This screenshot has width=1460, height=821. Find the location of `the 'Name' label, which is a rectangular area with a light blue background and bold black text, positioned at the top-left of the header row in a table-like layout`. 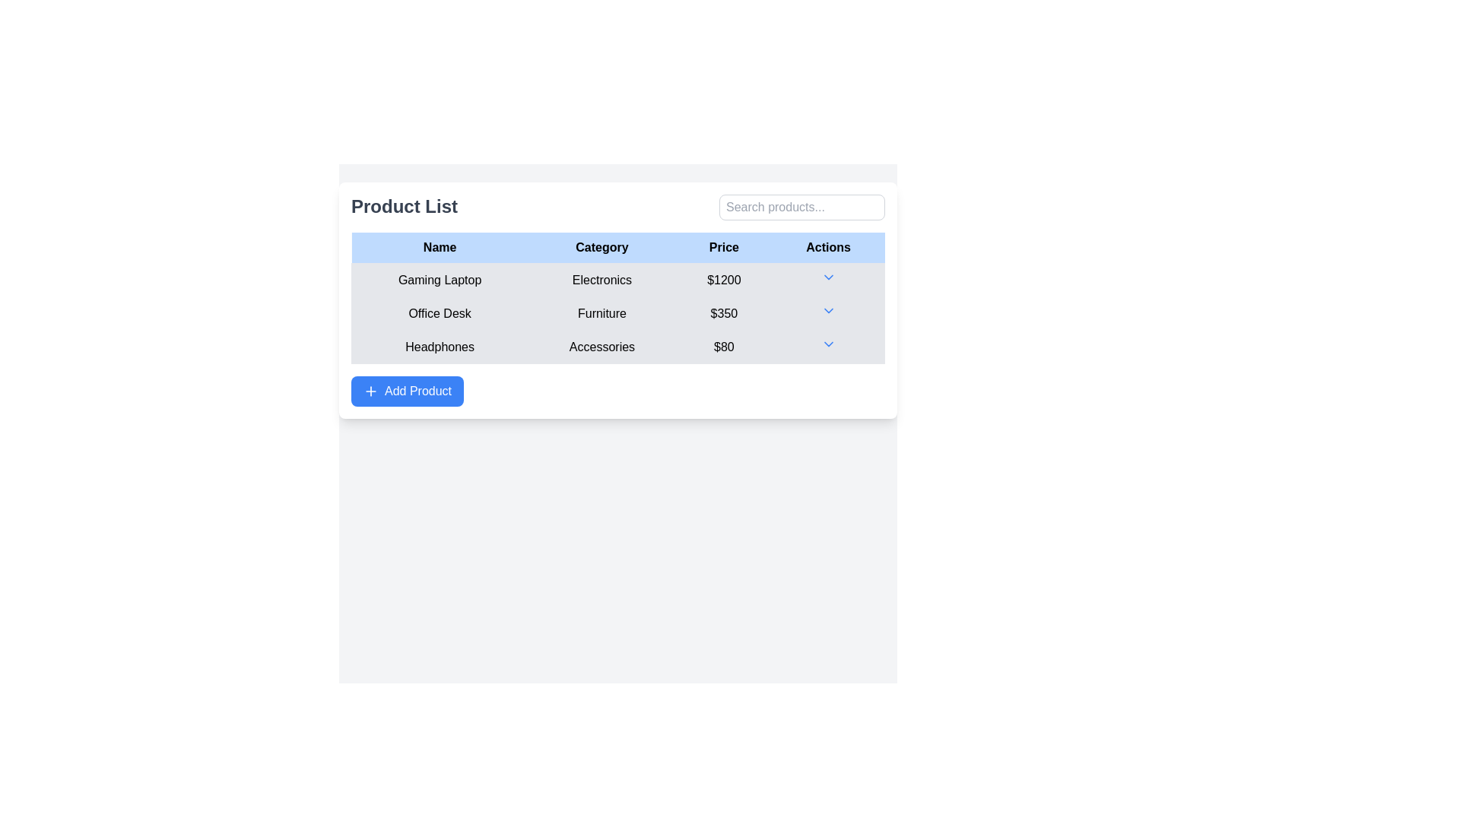

the 'Name' label, which is a rectangular area with a light blue background and bold black text, positioned at the top-left of the header row in a table-like layout is located at coordinates (439, 247).